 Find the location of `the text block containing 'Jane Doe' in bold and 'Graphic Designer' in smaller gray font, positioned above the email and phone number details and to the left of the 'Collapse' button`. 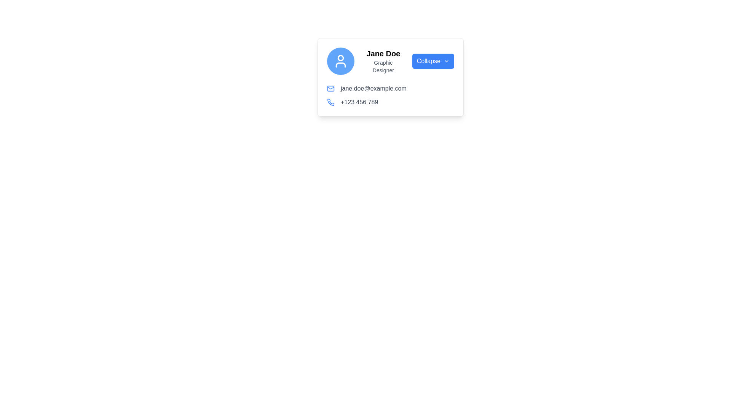

the text block containing 'Jane Doe' in bold and 'Graphic Designer' in smaller gray font, positioned above the email and phone number details and to the left of the 'Collapse' button is located at coordinates (383, 61).